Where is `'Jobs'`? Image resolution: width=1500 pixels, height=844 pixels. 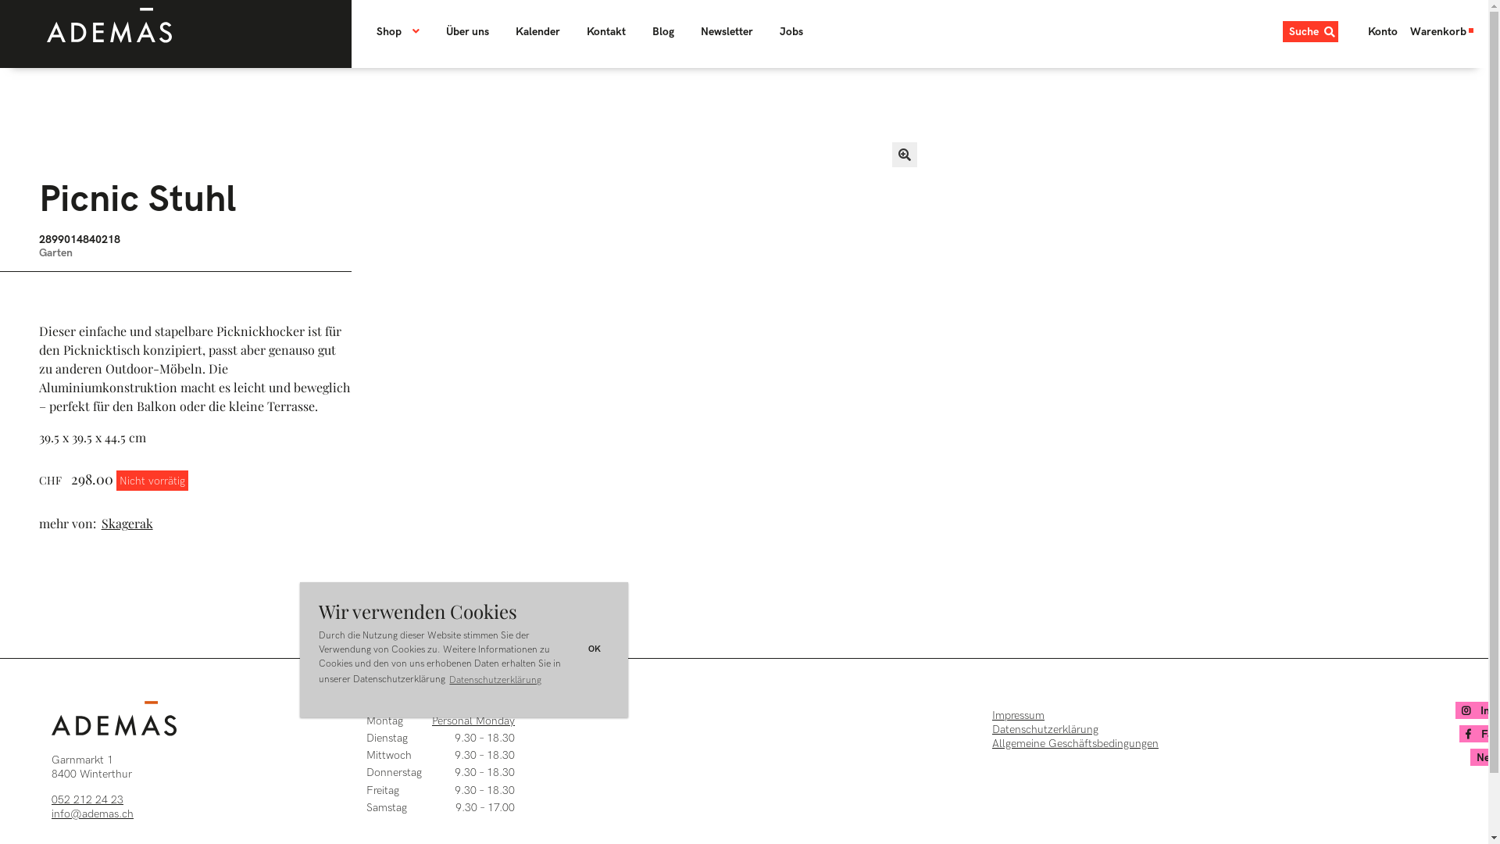 'Jobs' is located at coordinates (791, 31).